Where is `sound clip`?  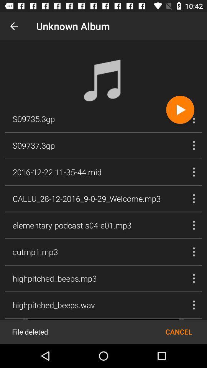 sound clip is located at coordinates (180, 109).